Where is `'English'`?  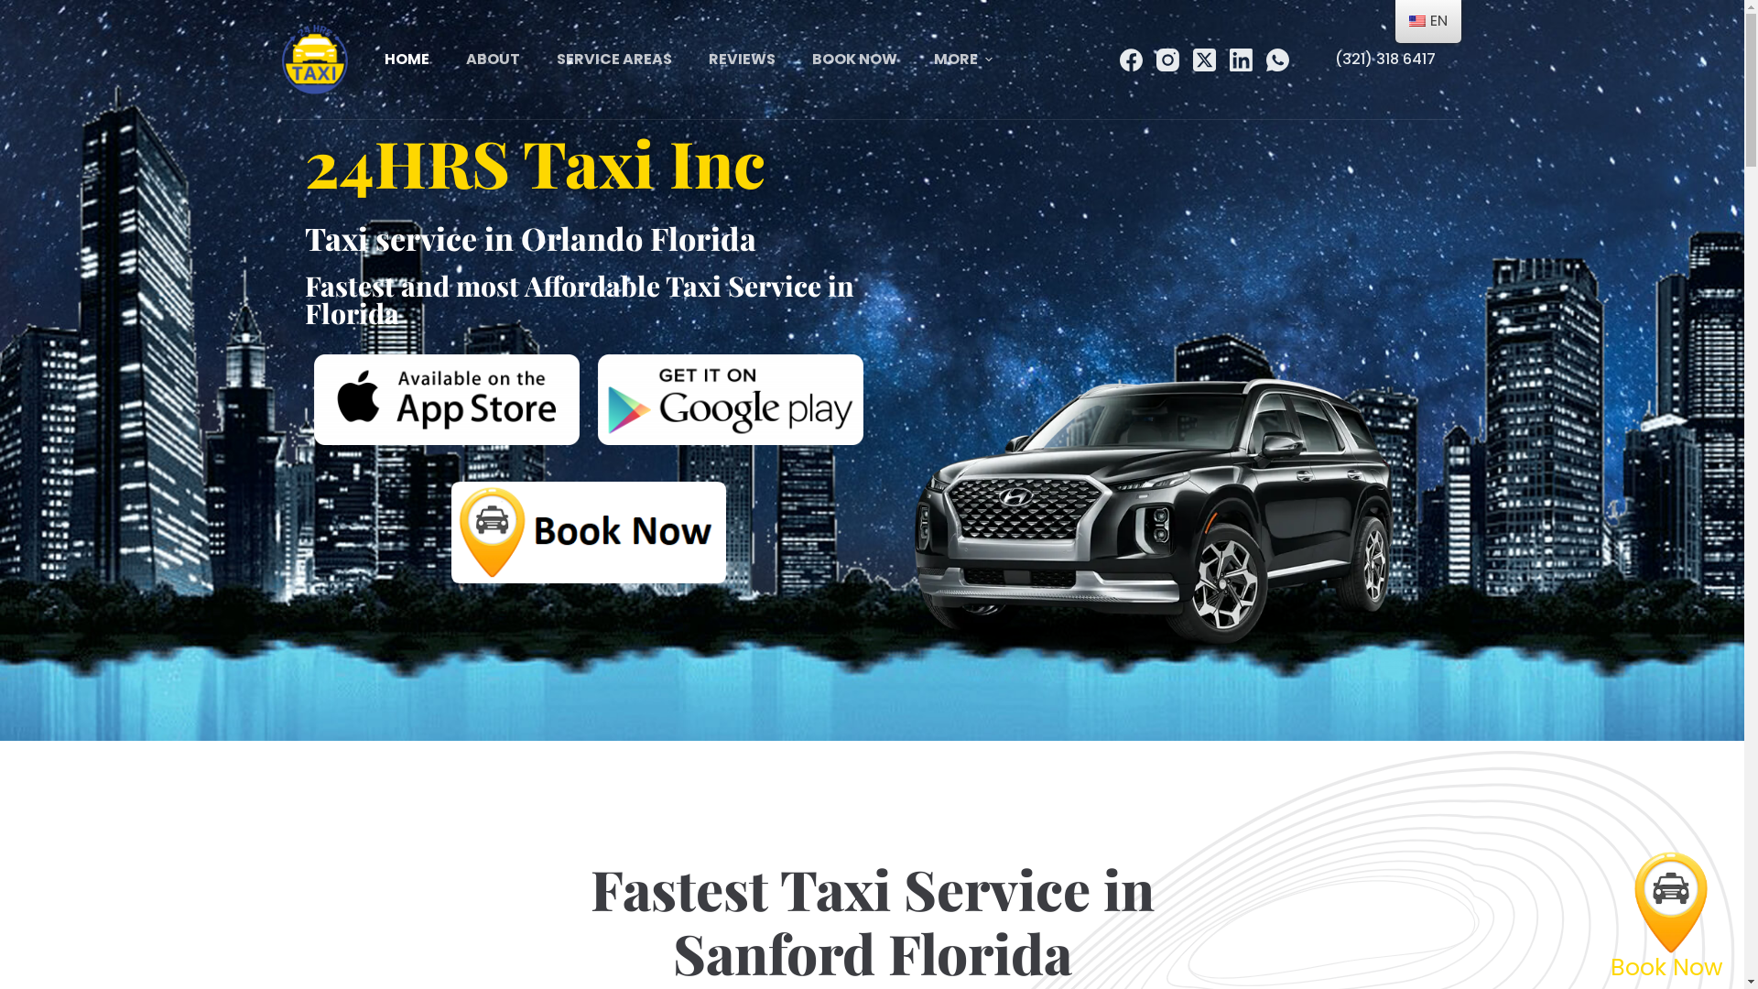
'English' is located at coordinates (1408, 21).